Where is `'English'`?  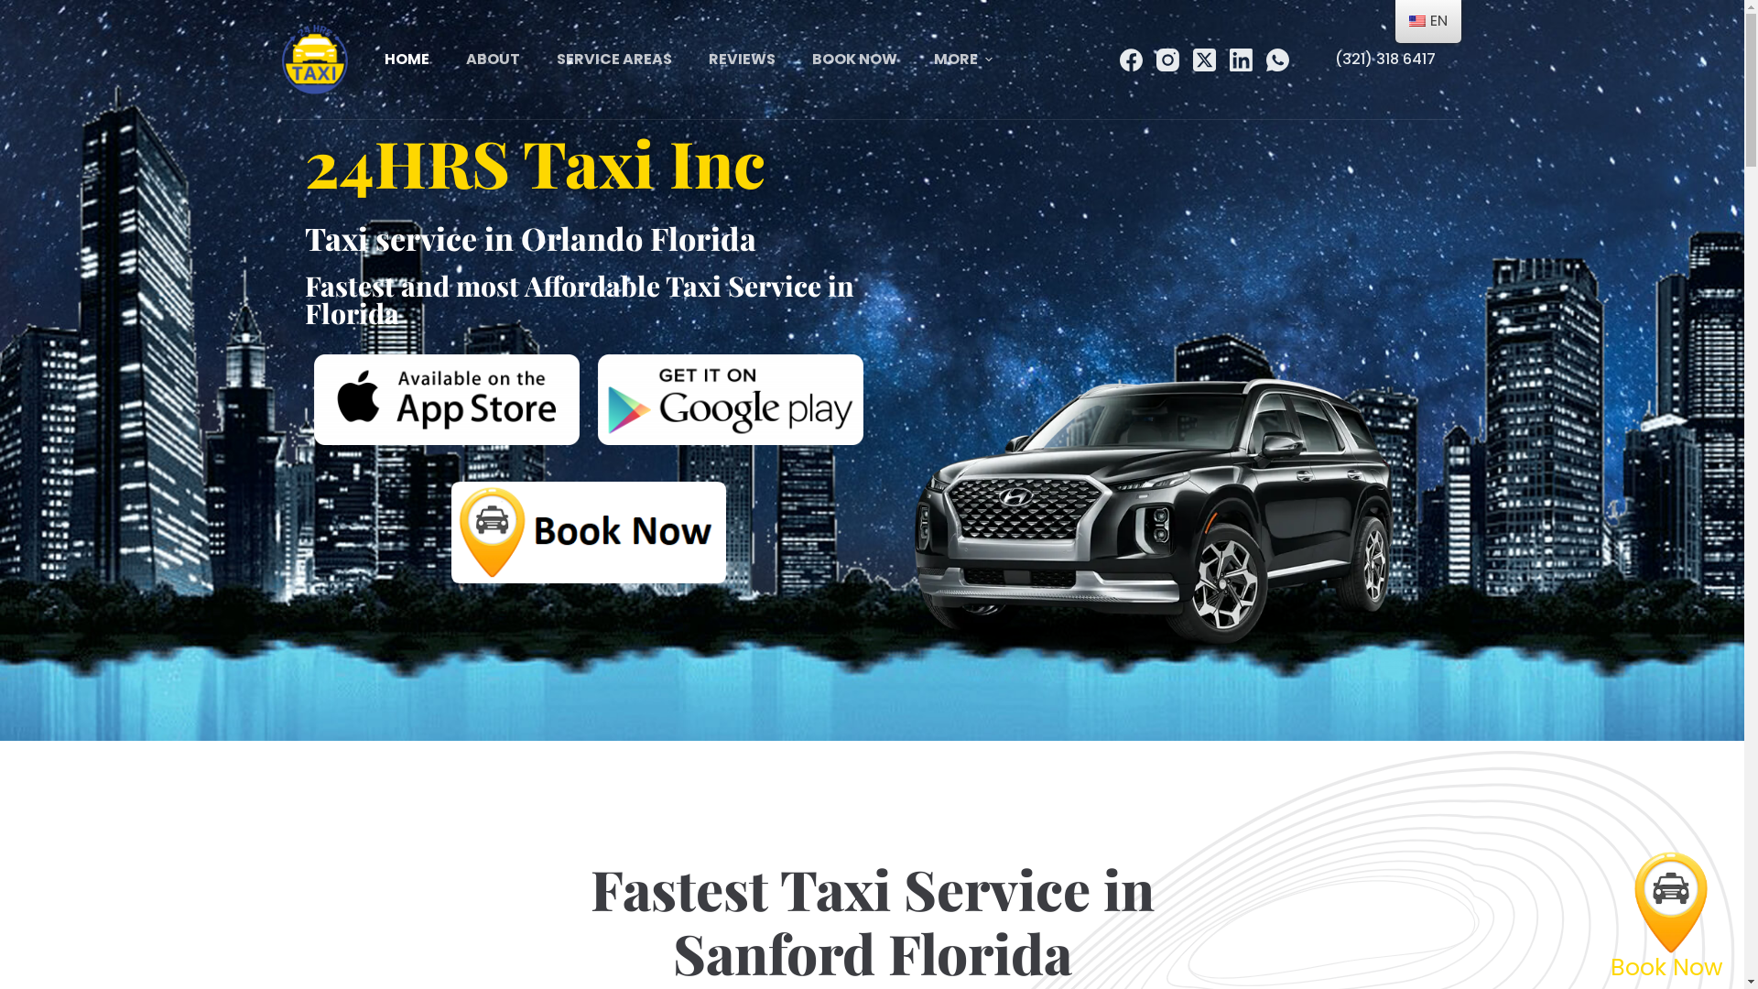
'English' is located at coordinates (1408, 21).